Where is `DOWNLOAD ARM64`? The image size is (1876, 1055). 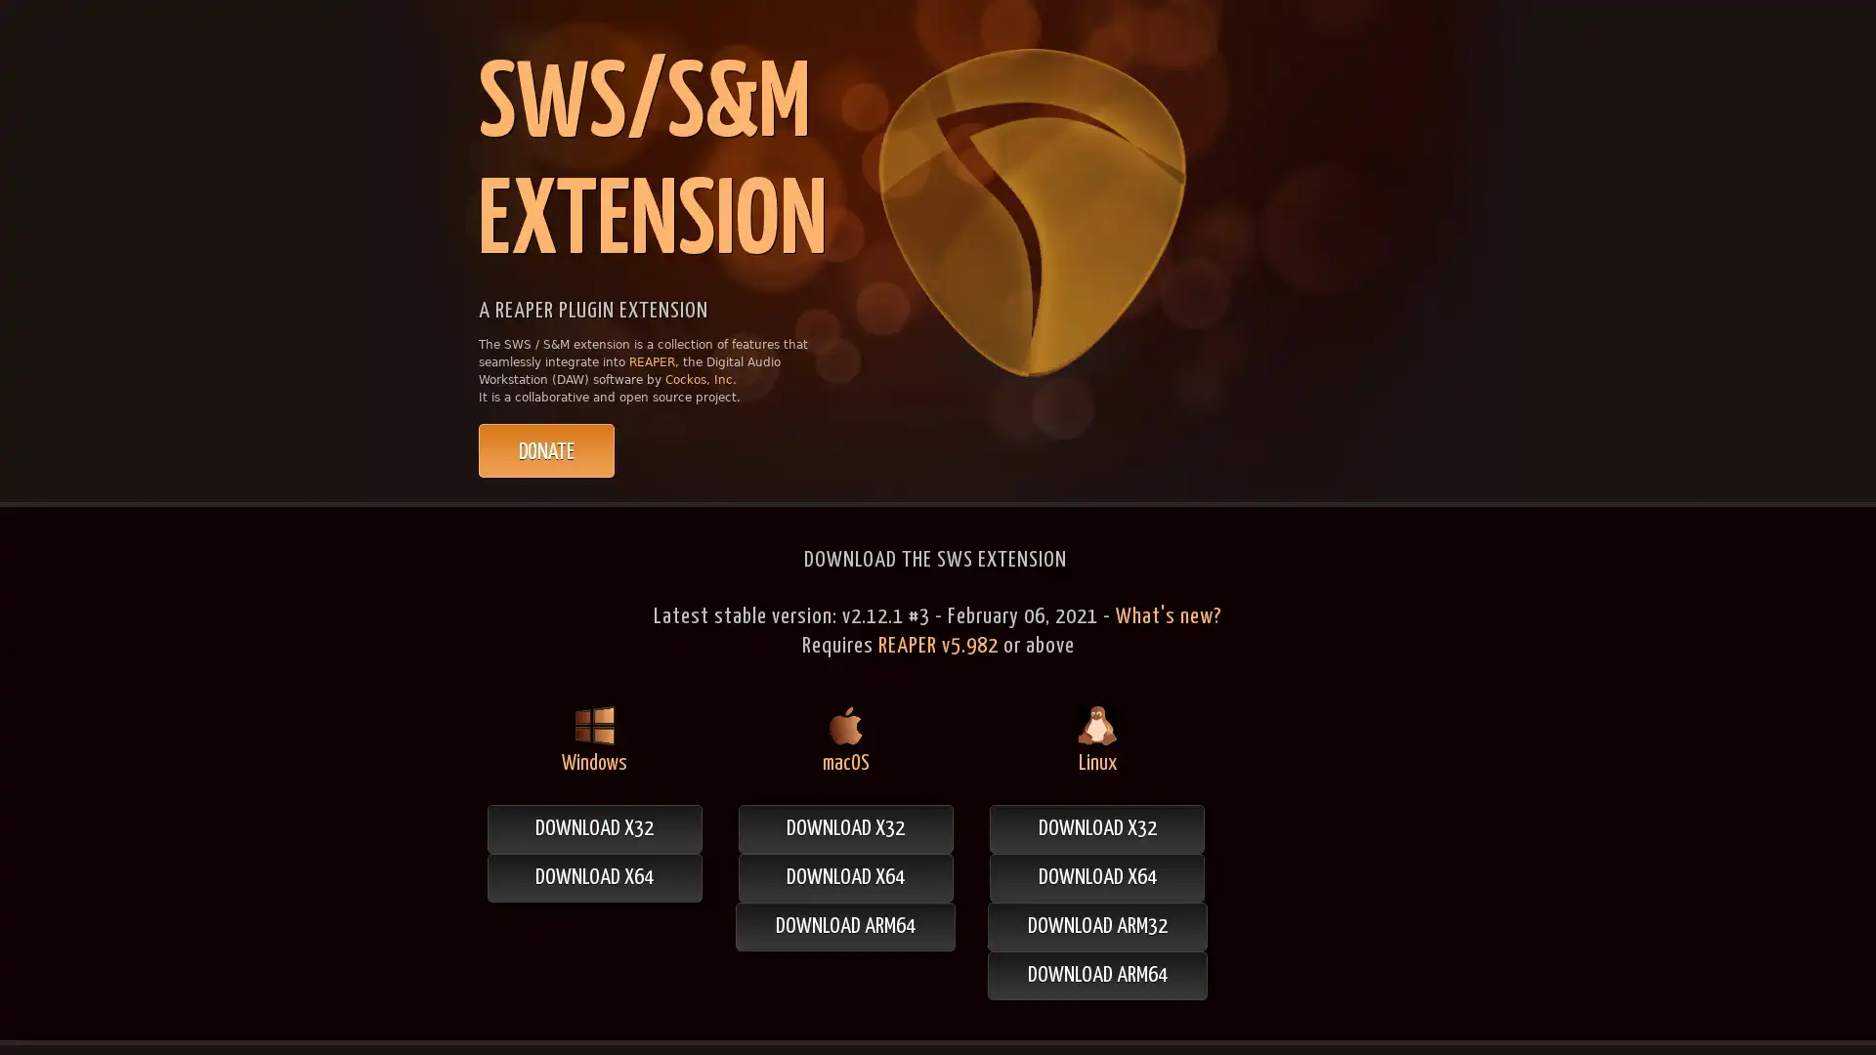
DOWNLOAD ARM64 is located at coordinates (936, 925).